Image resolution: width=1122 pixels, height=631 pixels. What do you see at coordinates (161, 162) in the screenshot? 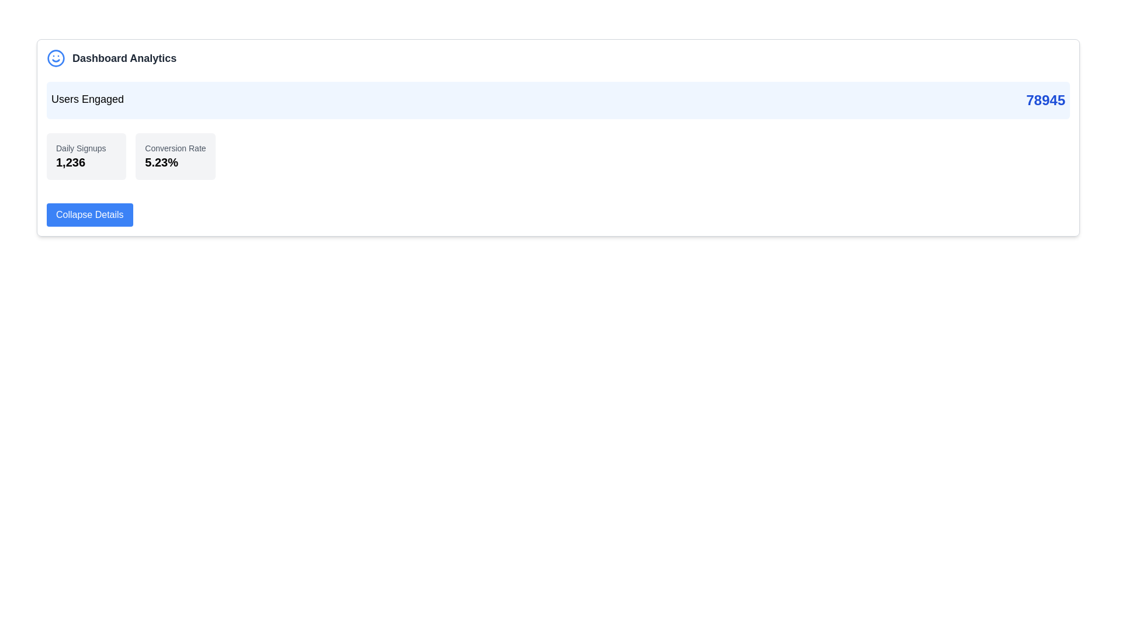
I see `the text display showing '5.23%' that is prominently located below the label 'Conversion Rate' within a light gray rounded box` at bounding box center [161, 162].